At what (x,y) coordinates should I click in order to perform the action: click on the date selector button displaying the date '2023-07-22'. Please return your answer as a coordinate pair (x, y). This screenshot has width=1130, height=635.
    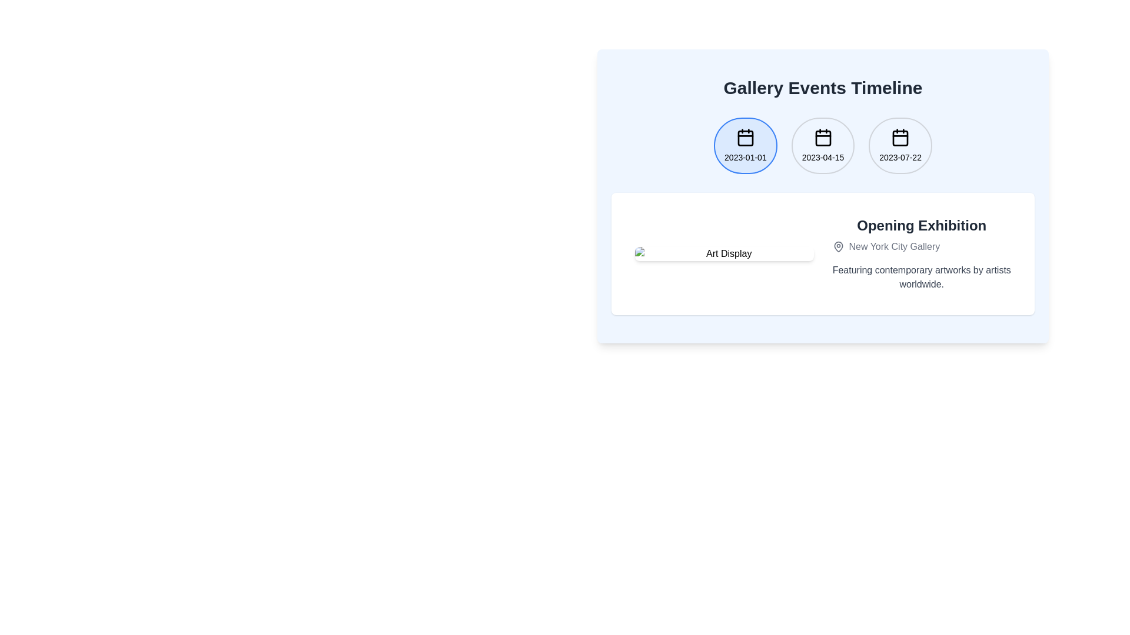
    Looking at the image, I should click on (900, 145).